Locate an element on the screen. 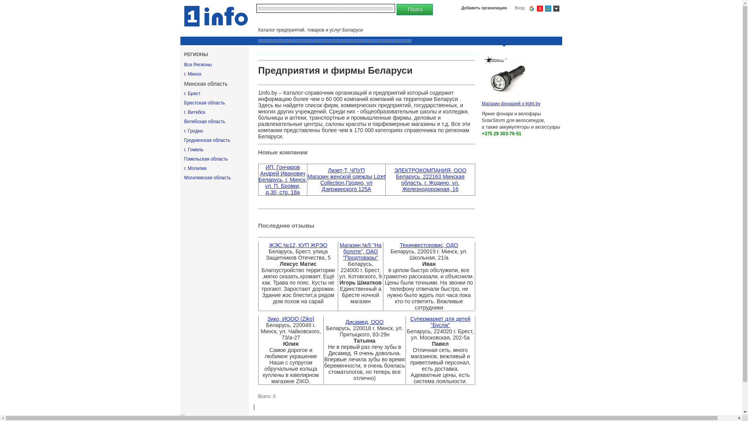 Image resolution: width=748 pixels, height=421 pixels. '1 info' is located at coordinates (215, 16).